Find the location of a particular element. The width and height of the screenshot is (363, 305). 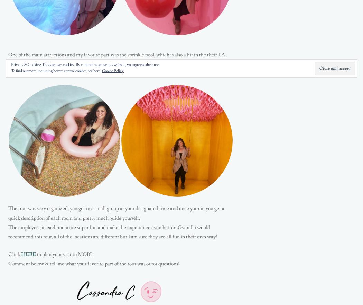

'The employees in each room are super fun and make the experience even better. Overall i would recommend this tour, all of the locations are different but I am sure they are all fun in their own way!' is located at coordinates (113, 231).